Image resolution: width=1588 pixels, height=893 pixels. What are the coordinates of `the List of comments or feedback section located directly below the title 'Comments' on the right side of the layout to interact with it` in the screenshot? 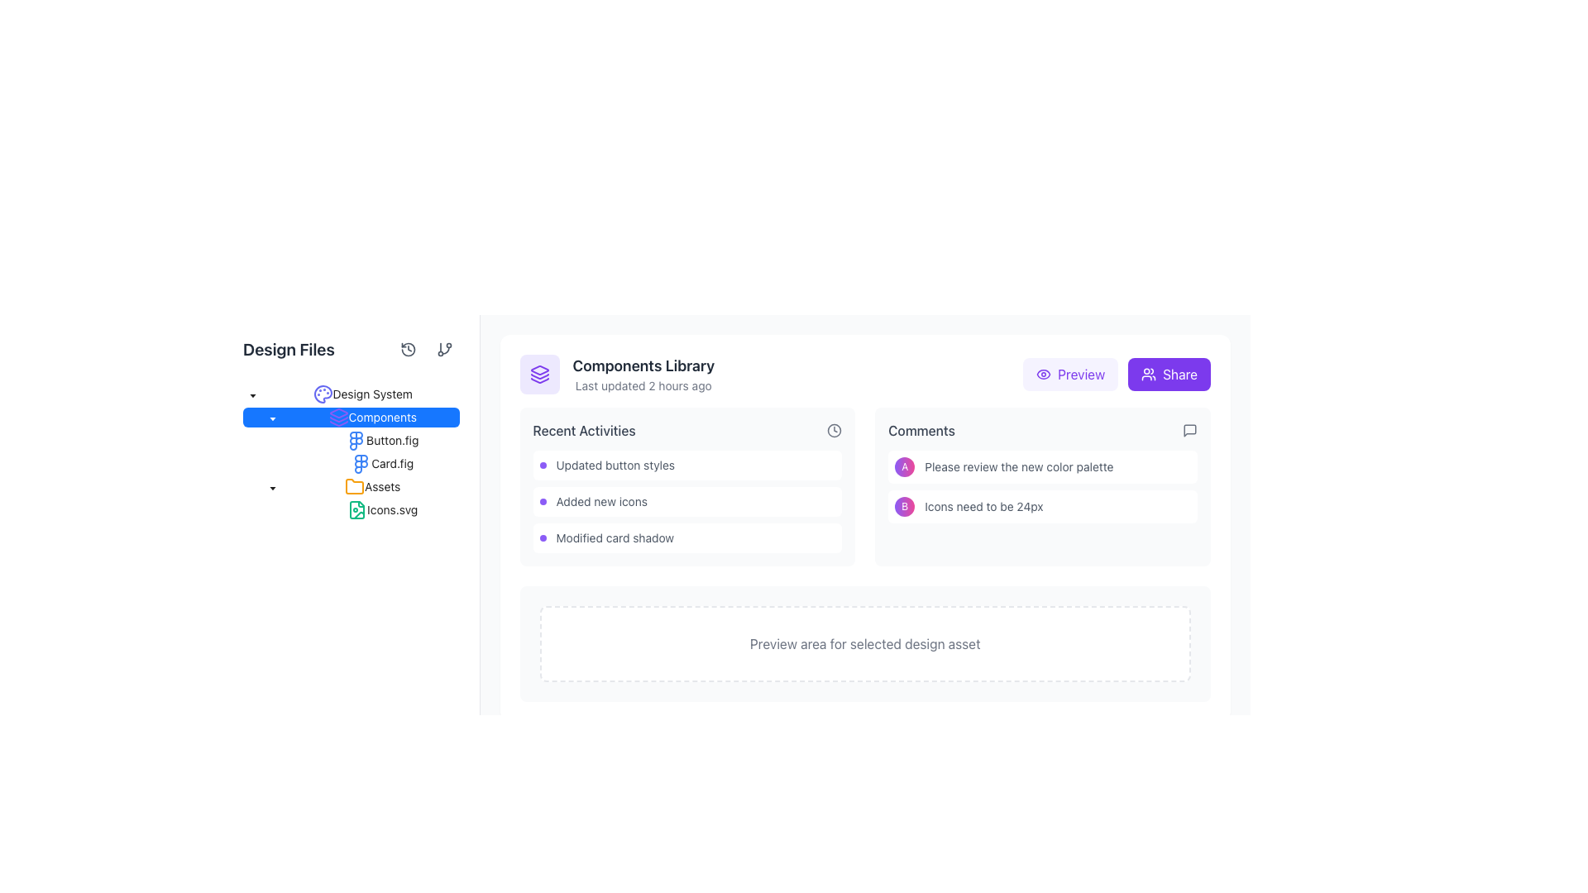 It's located at (1042, 486).